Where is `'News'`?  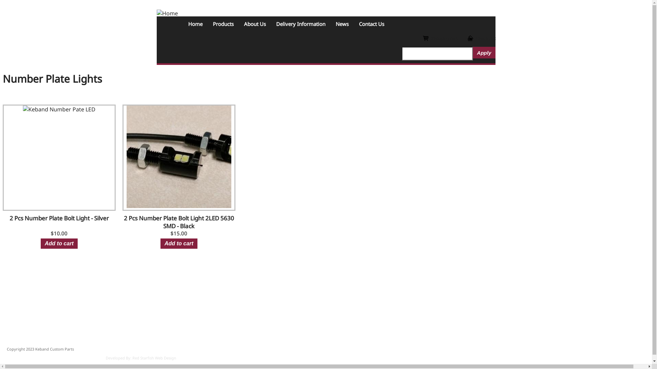 'News' is located at coordinates (342, 23).